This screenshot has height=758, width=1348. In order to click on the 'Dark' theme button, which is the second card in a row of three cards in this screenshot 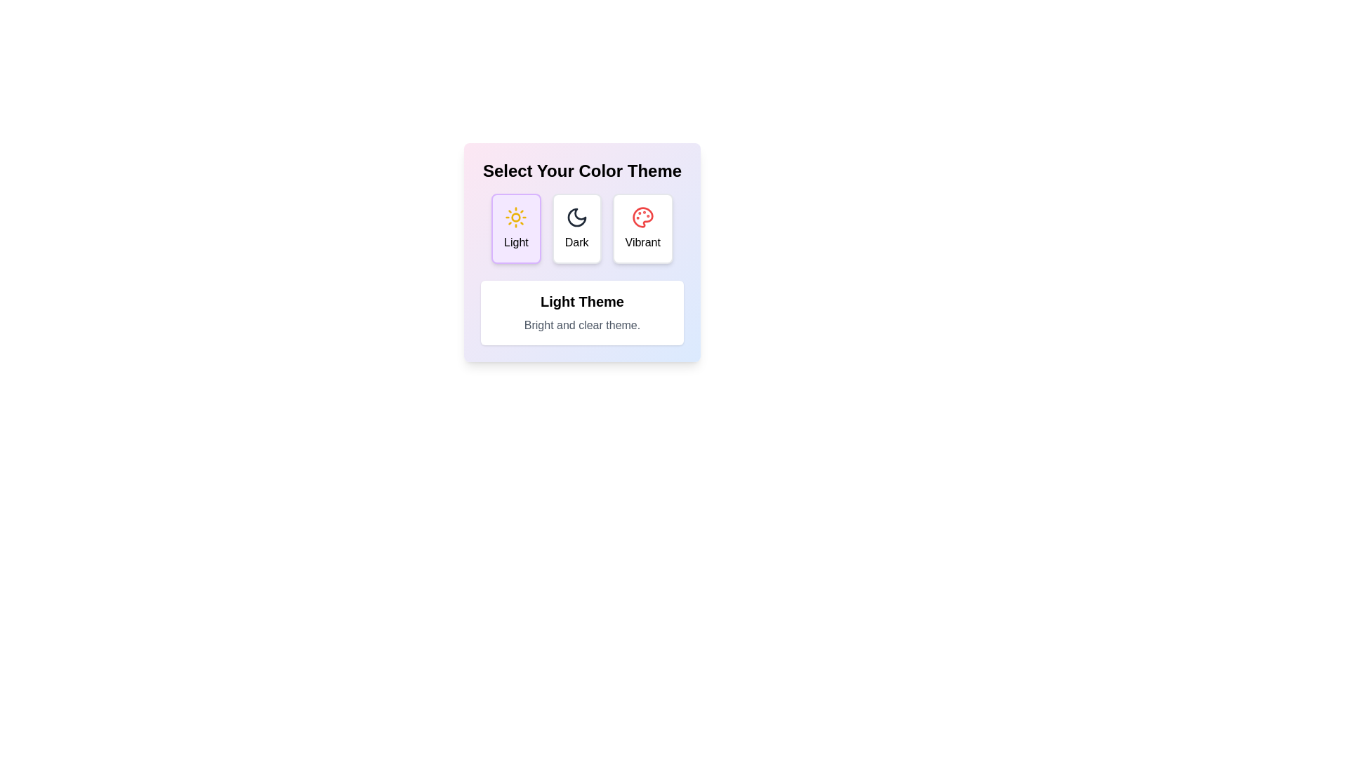, I will do `click(576, 228)`.